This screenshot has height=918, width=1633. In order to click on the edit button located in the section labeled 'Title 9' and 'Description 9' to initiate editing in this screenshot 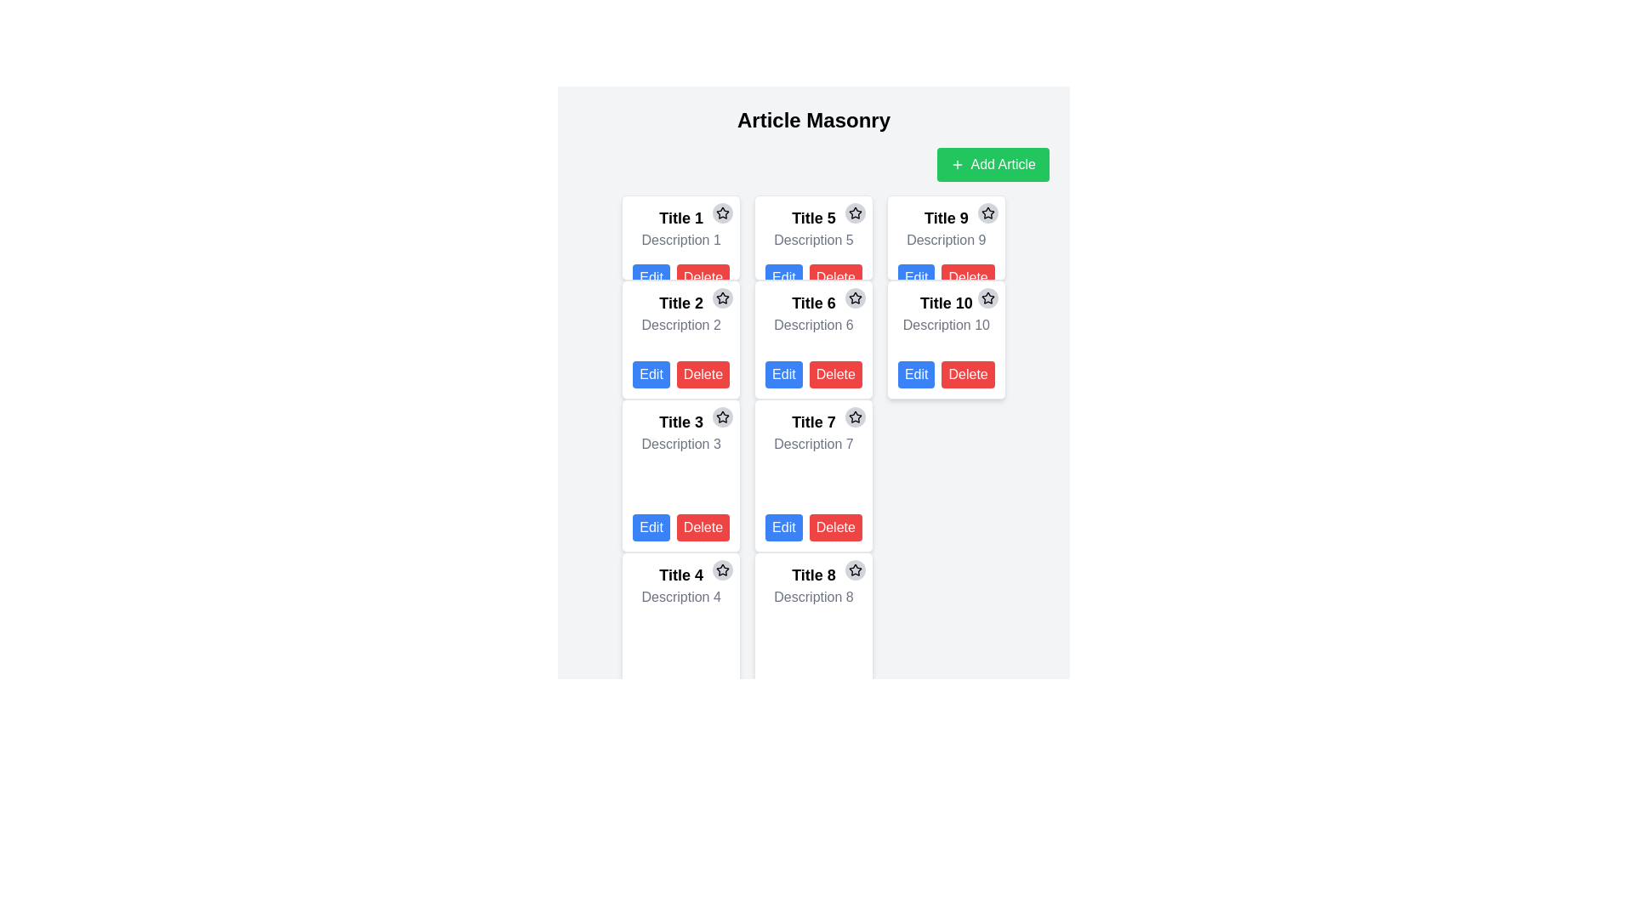, I will do `click(915, 277)`.